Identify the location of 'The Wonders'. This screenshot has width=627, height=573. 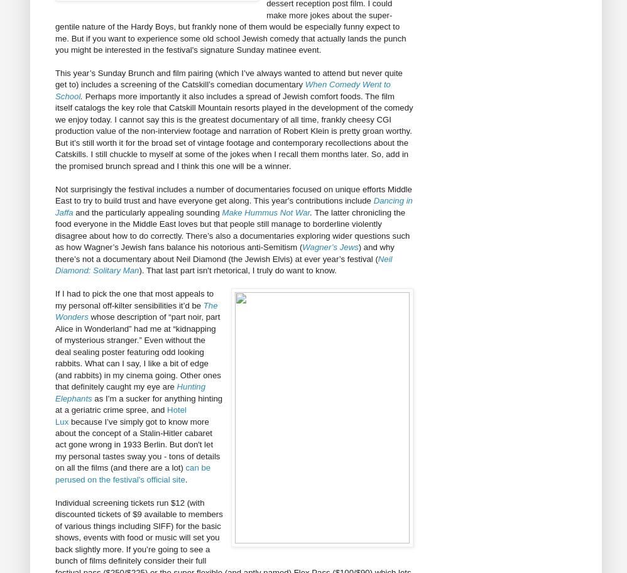
(136, 310).